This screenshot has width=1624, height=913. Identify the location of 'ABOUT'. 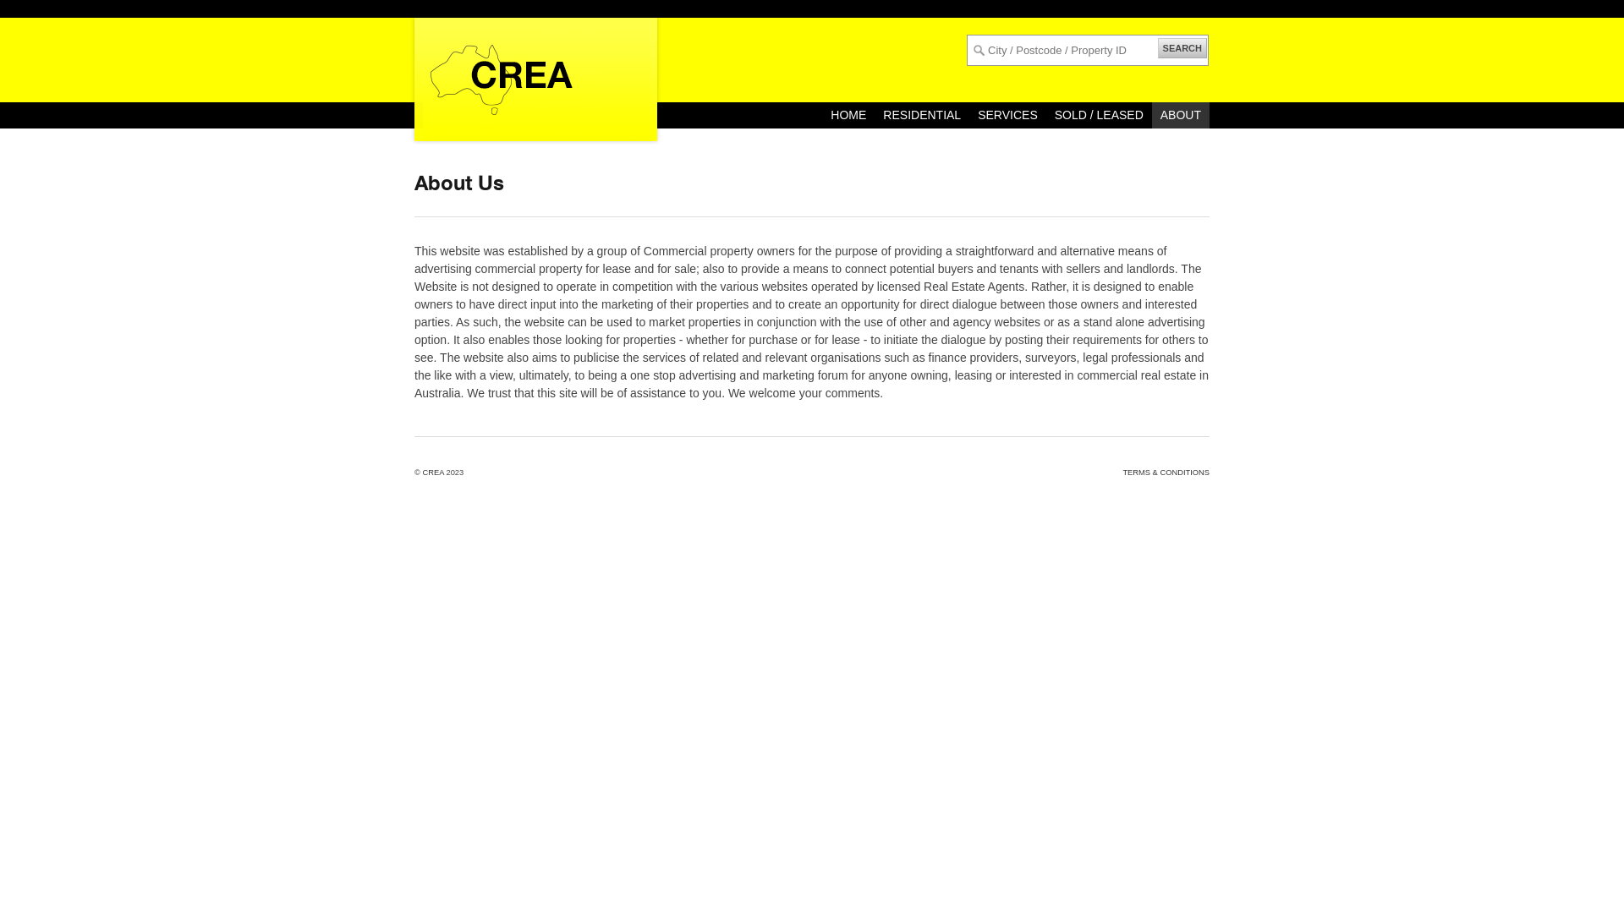
(1180, 114).